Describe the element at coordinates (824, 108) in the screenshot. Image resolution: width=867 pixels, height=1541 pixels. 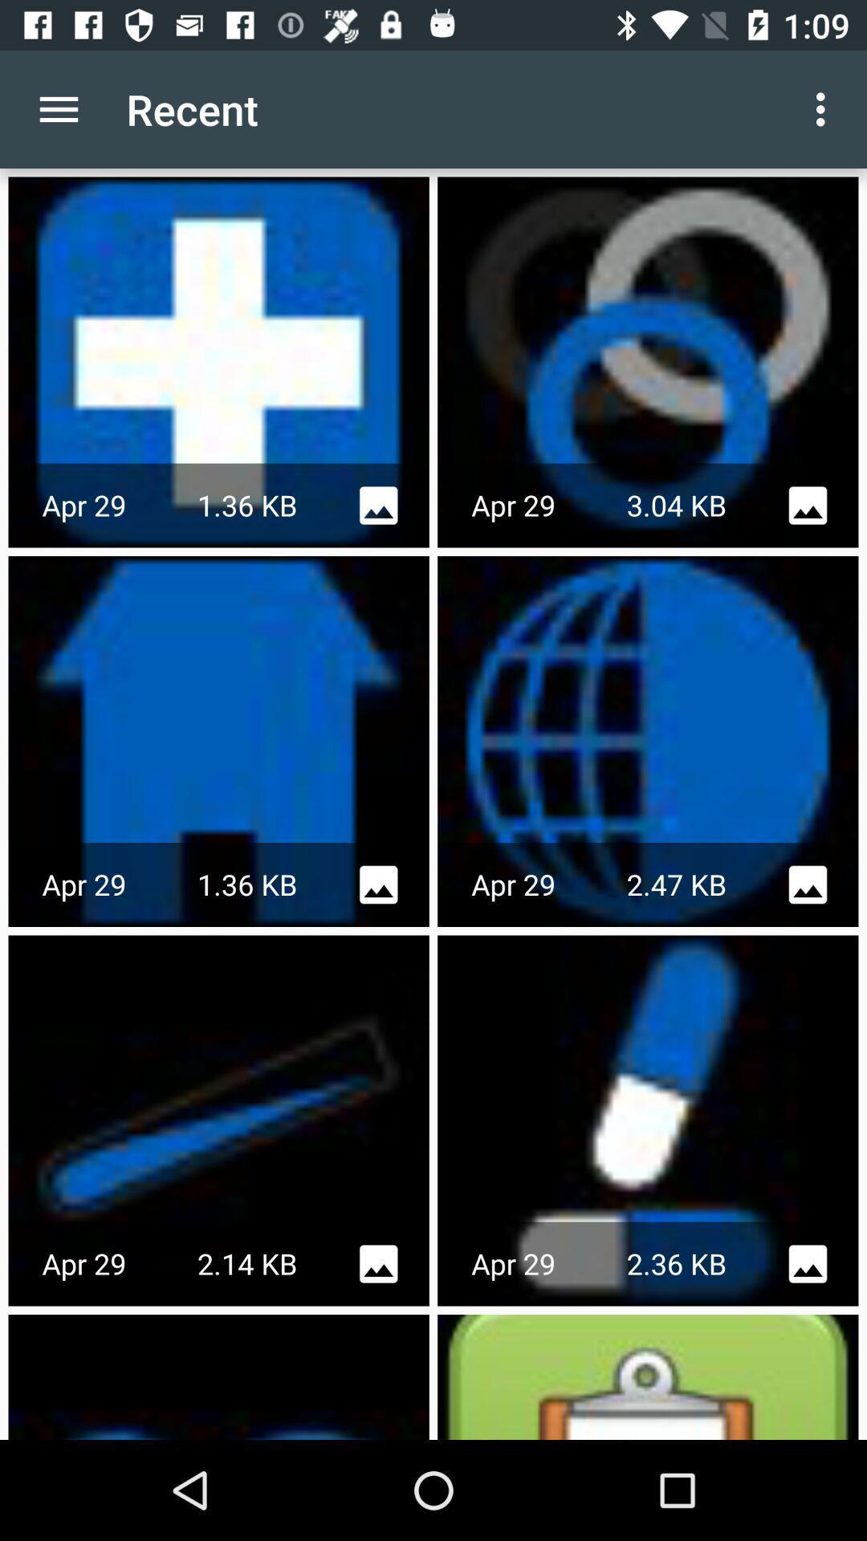
I see `the icon to the right of recent app` at that location.